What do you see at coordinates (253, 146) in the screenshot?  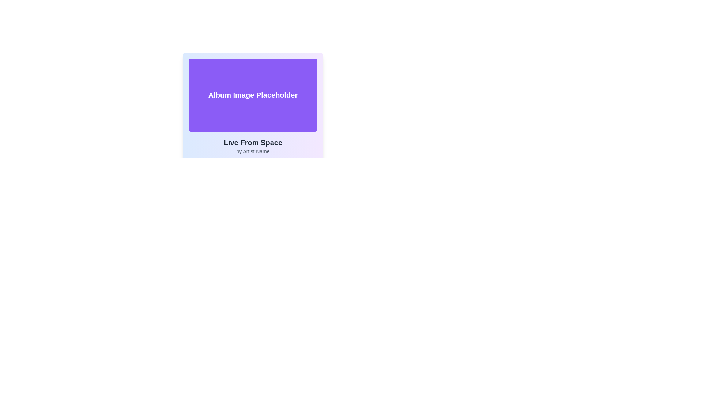 I see `text element displaying 'Live From Space' and 'by Artist Name', located below the placeholder image in the card layout` at bounding box center [253, 146].